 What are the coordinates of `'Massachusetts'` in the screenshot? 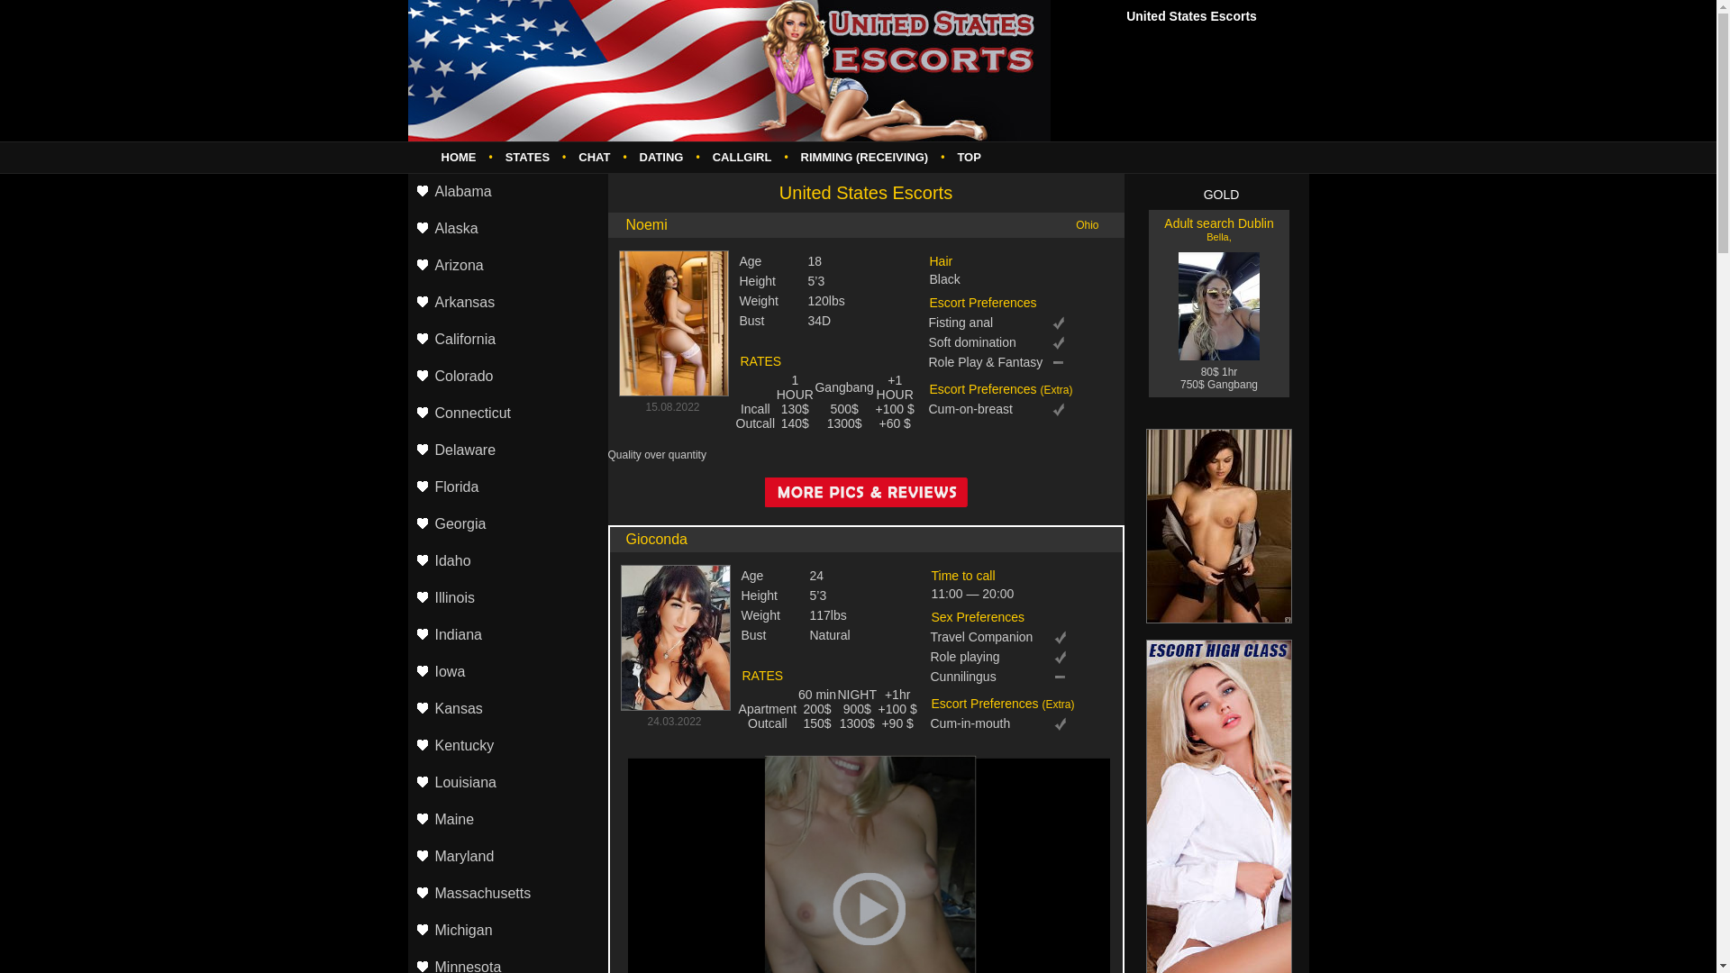 It's located at (505, 894).